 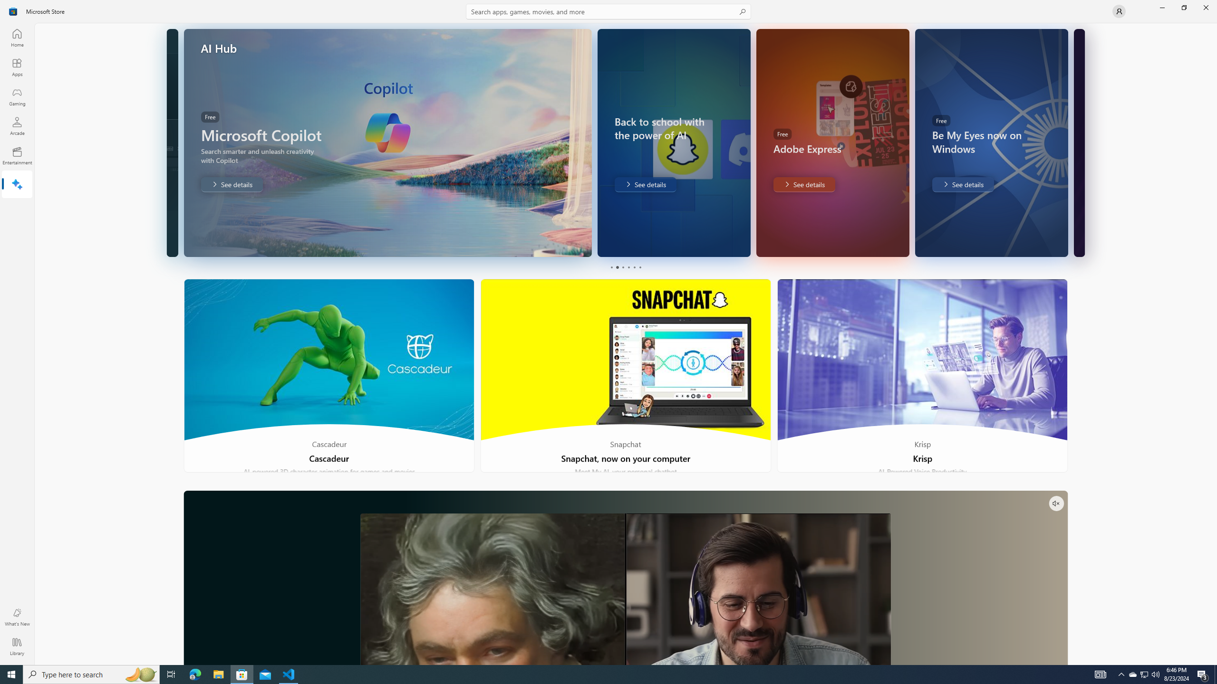 What do you see at coordinates (1056, 503) in the screenshot?
I see `'Unmute'` at bounding box center [1056, 503].